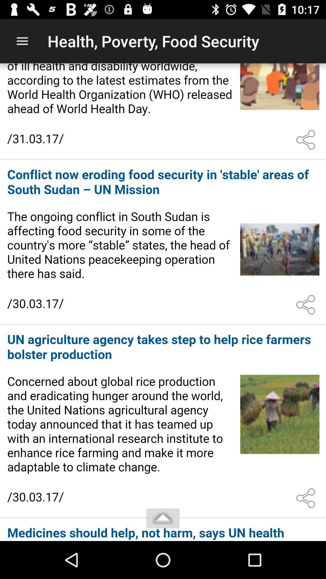 This screenshot has height=579, width=326. I want to click on connect to article, so click(163, 242).